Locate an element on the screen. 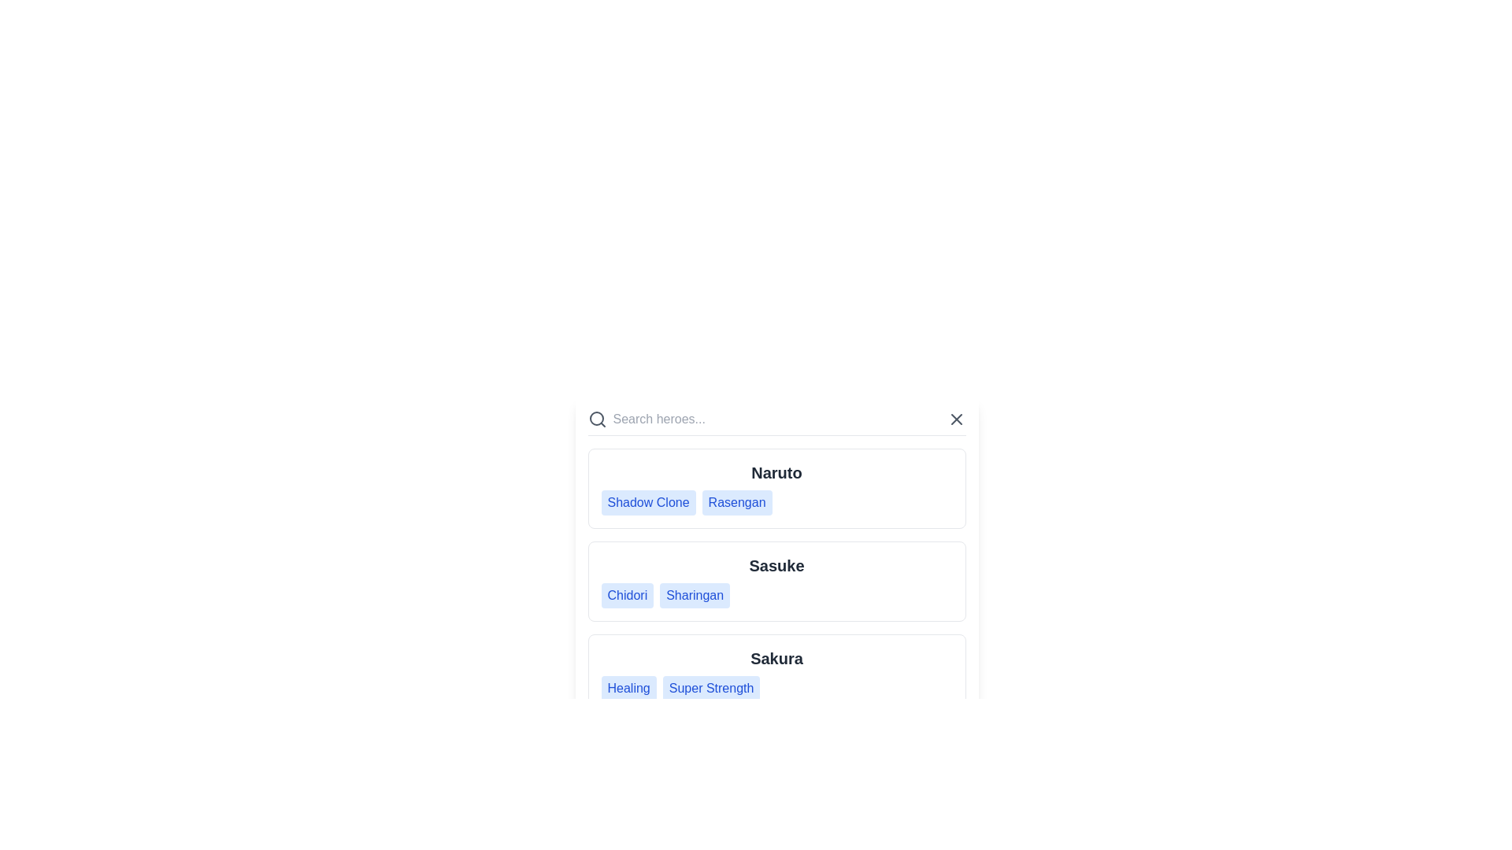  the close or delete icon located in the top-right corner of the interface, near the 'Search heroes...' text input field is located at coordinates (955, 418).